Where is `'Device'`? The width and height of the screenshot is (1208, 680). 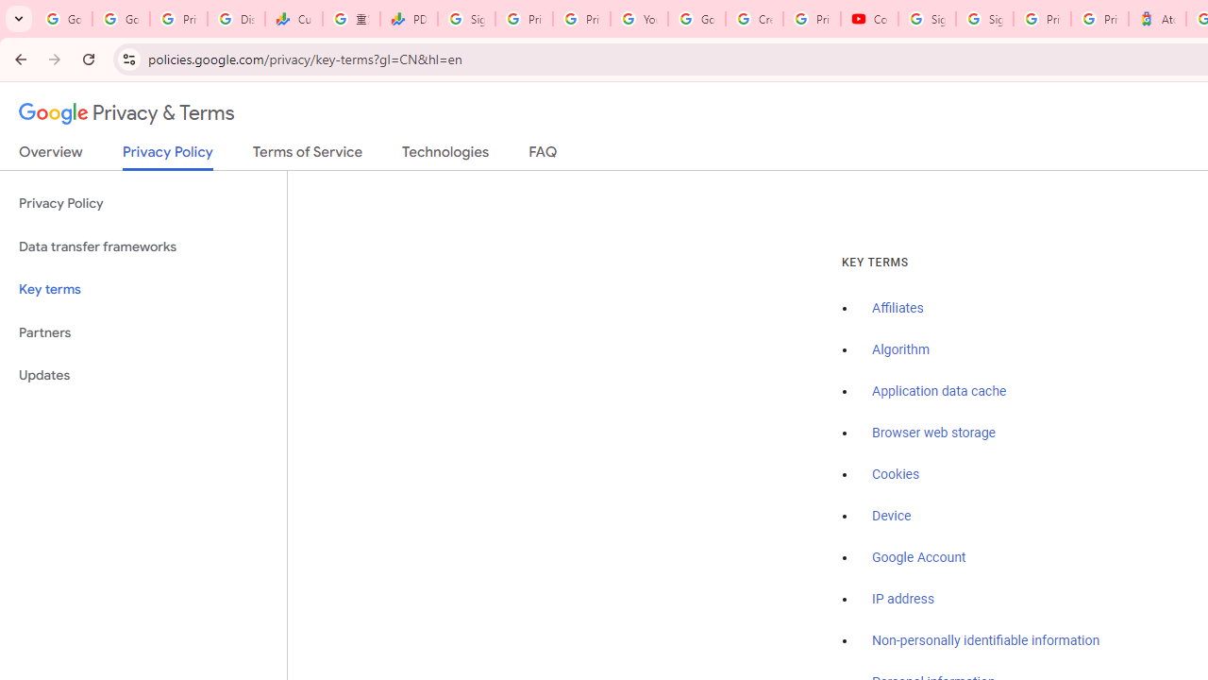 'Device' is located at coordinates (891, 516).